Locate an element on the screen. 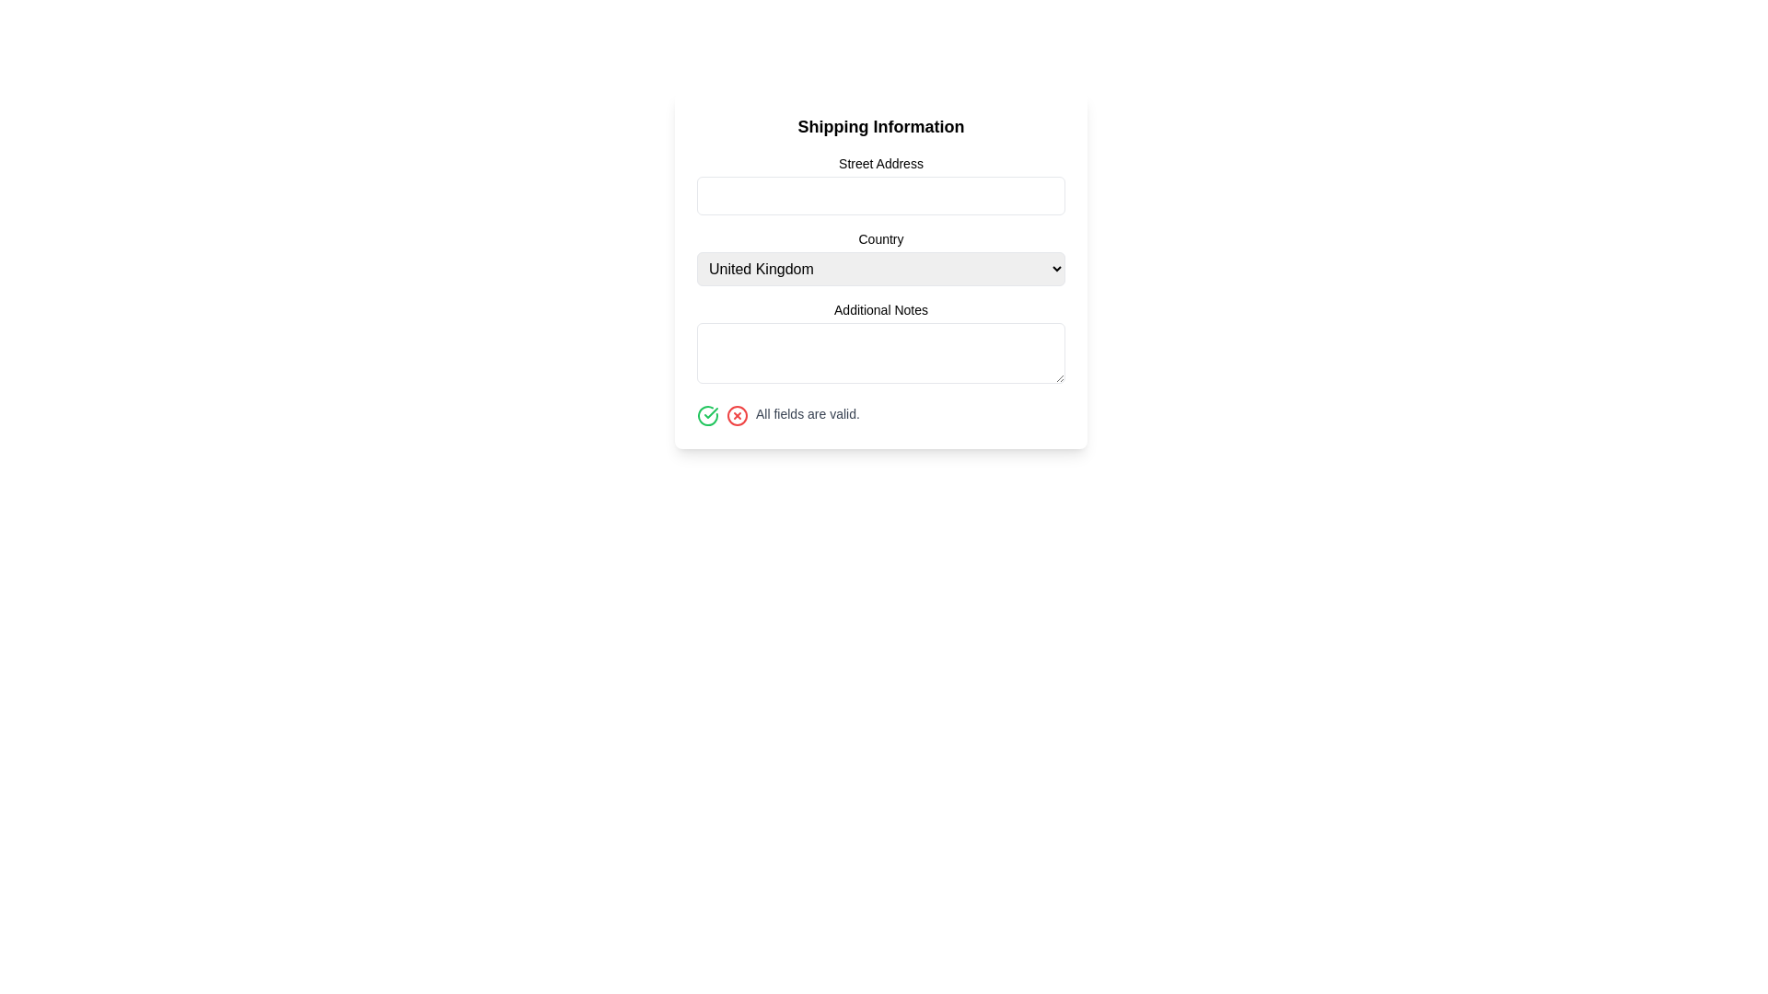 This screenshot has height=994, width=1768. the circular graphical icon with a thick border, resembling a checkmark, which is green and located towards the bottom-left corner of the form interface, just left of the label 'All fields are valid.' is located at coordinates (706, 415).